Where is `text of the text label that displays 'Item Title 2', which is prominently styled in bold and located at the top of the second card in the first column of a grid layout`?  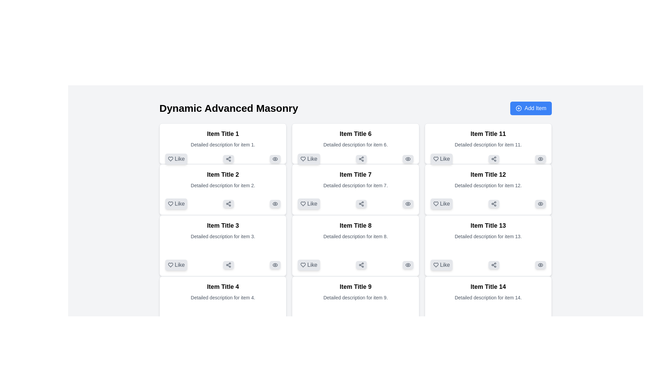
text of the text label that displays 'Item Title 2', which is prominently styled in bold and located at the top of the second card in the first column of a grid layout is located at coordinates (223, 174).